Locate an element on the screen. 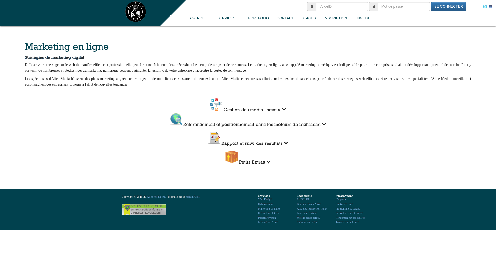 The width and height of the screenshot is (496, 279). 'Messagerie Alice' is located at coordinates (258, 222).